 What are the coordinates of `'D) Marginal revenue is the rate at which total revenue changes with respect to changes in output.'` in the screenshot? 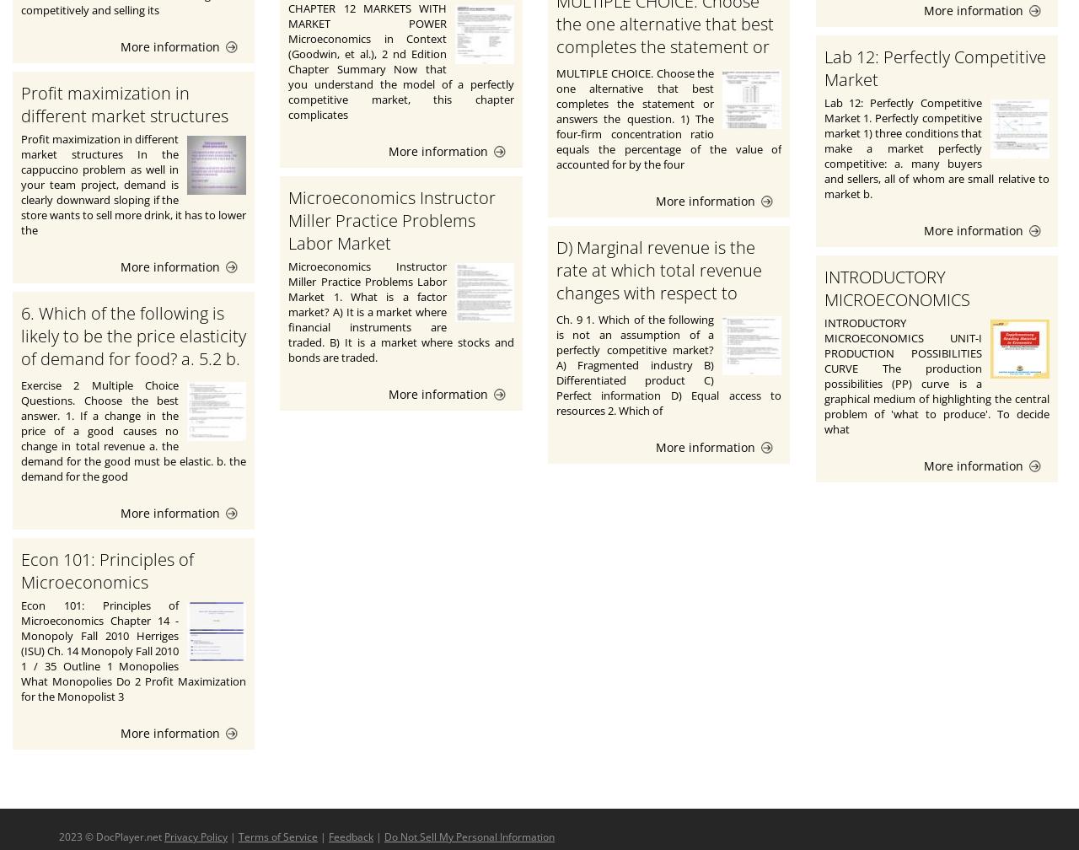 It's located at (658, 281).